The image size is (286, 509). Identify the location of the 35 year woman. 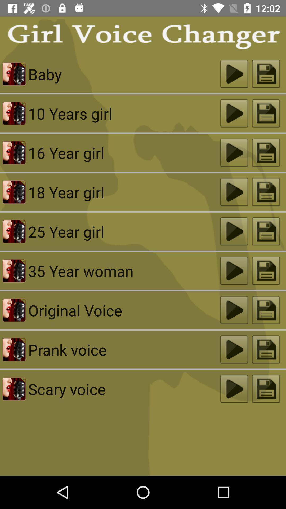
(124, 271).